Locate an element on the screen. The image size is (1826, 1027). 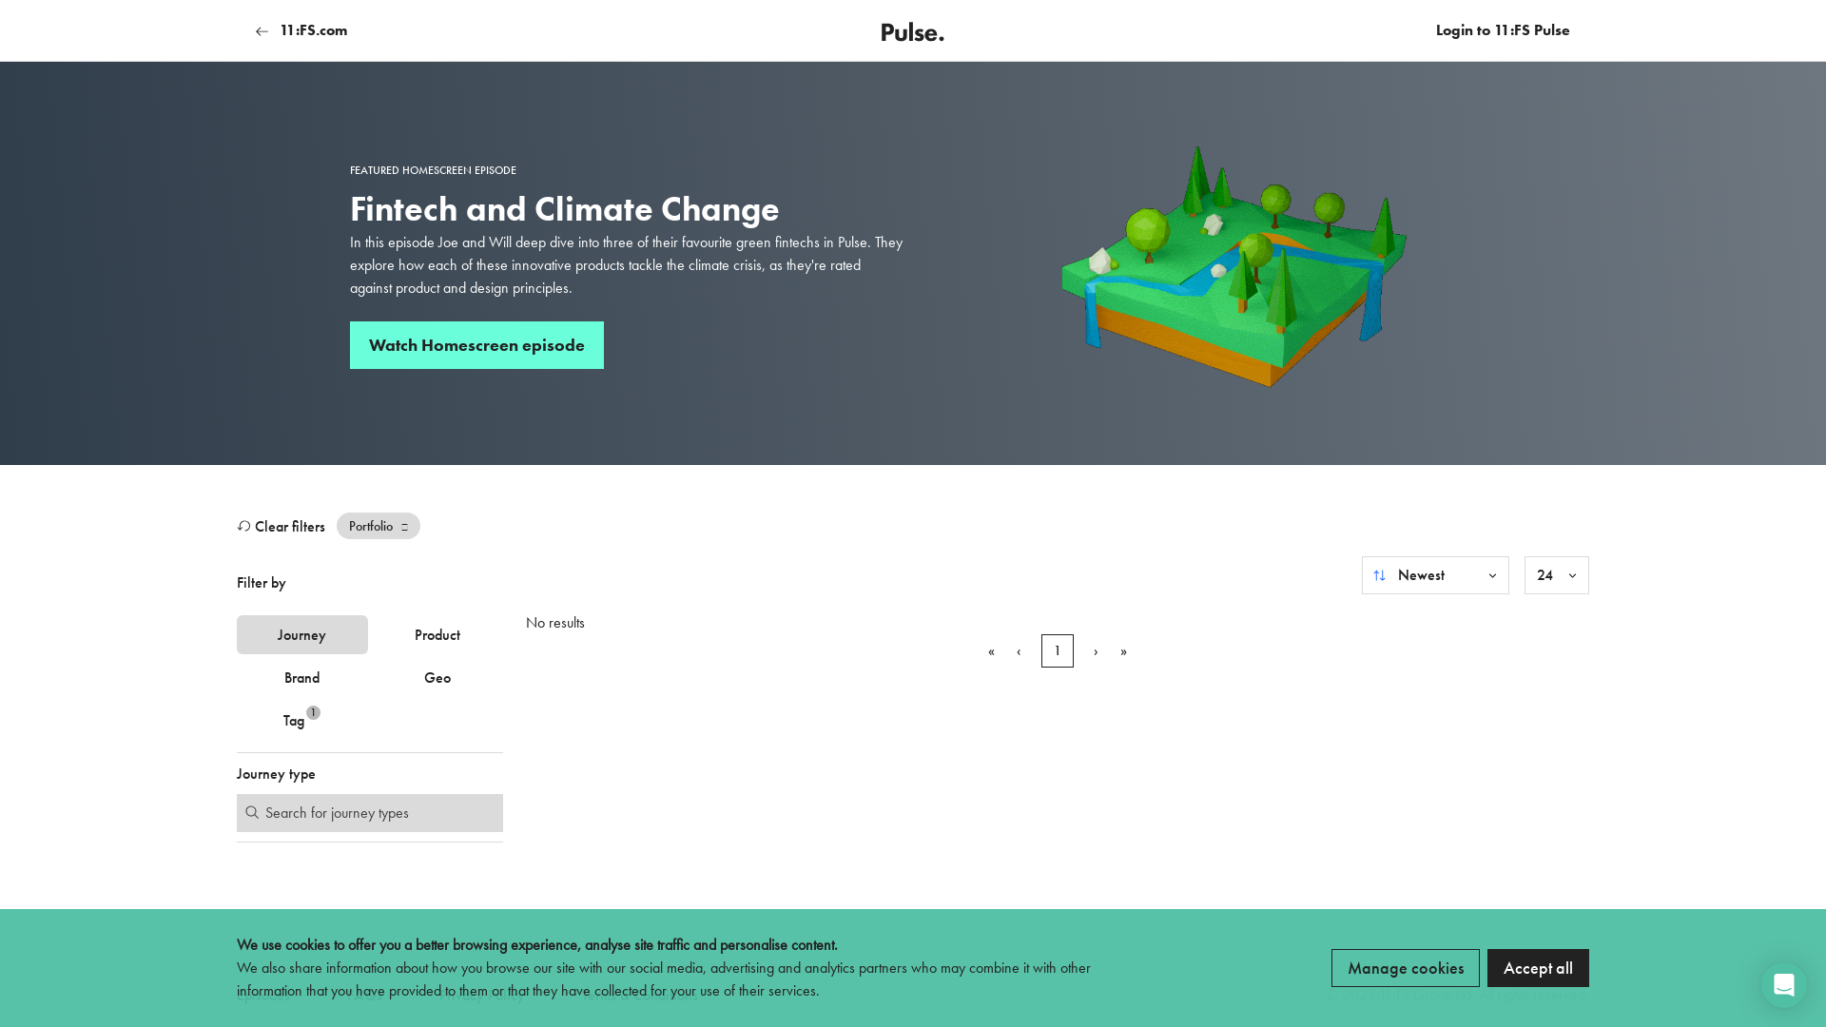
'Geo' is located at coordinates (437, 676).